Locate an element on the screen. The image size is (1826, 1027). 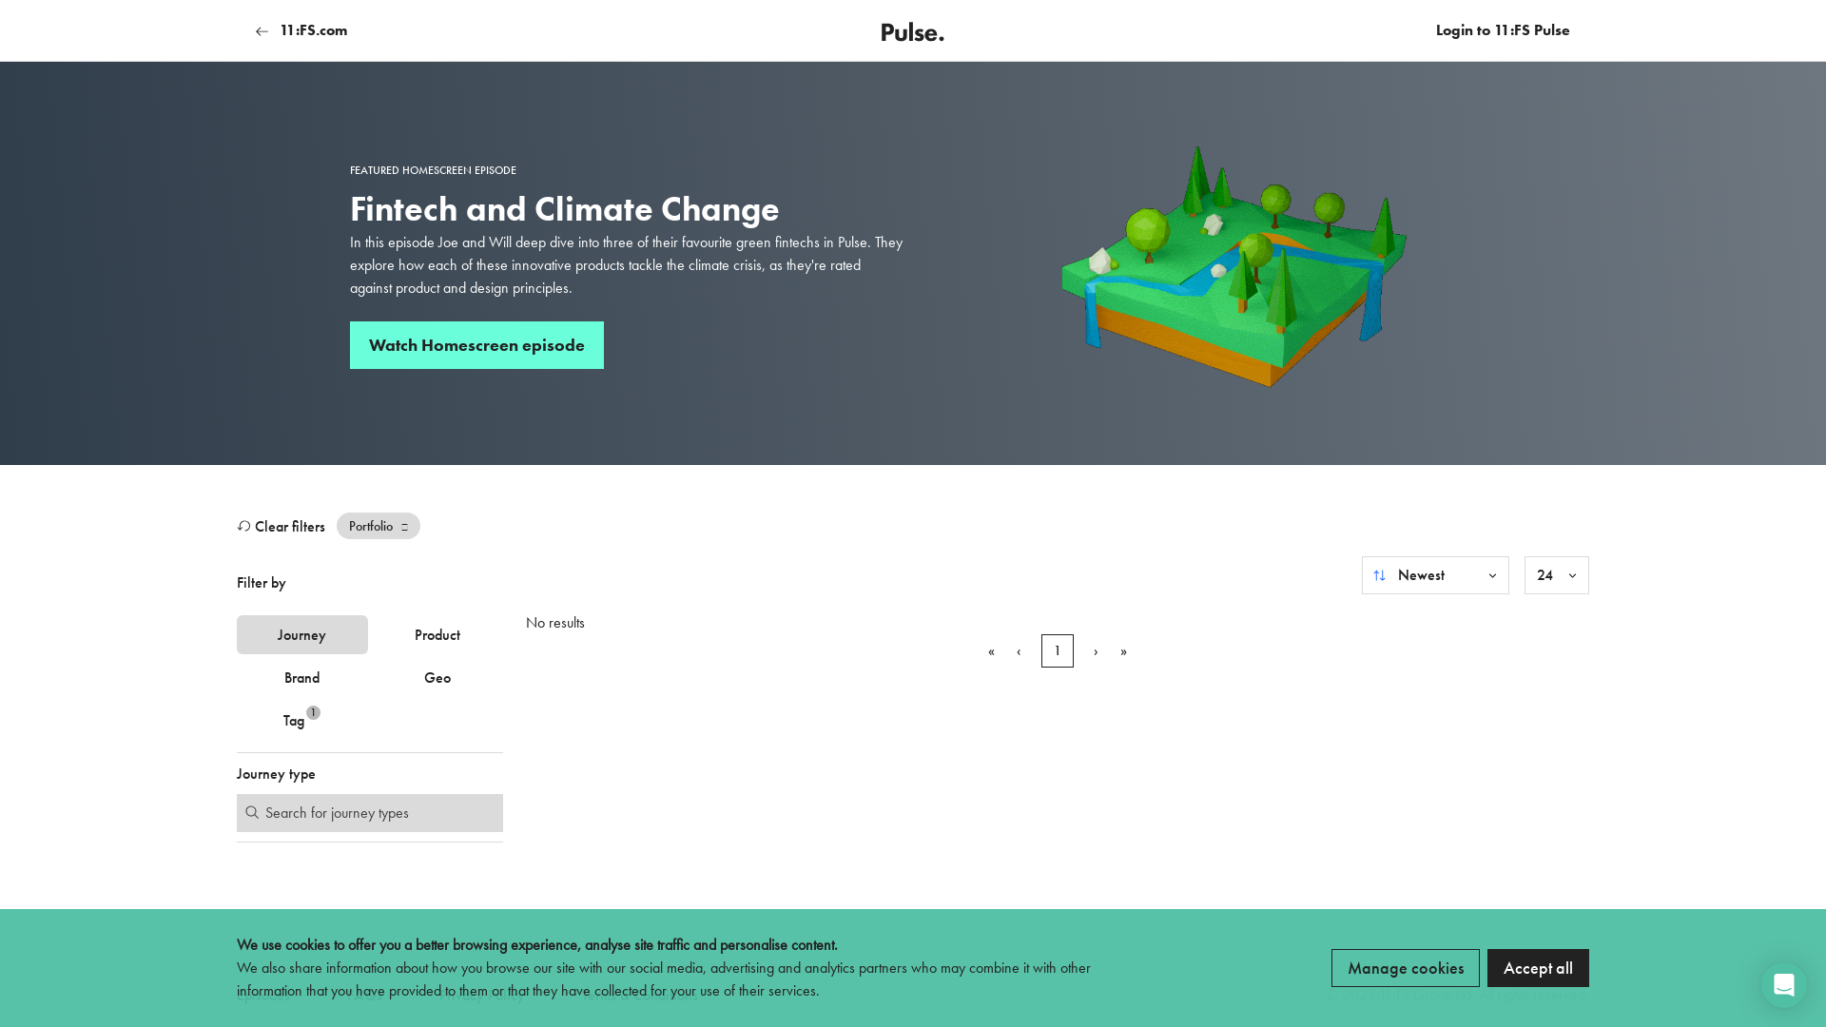
'Geo' is located at coordinates (437, 676).